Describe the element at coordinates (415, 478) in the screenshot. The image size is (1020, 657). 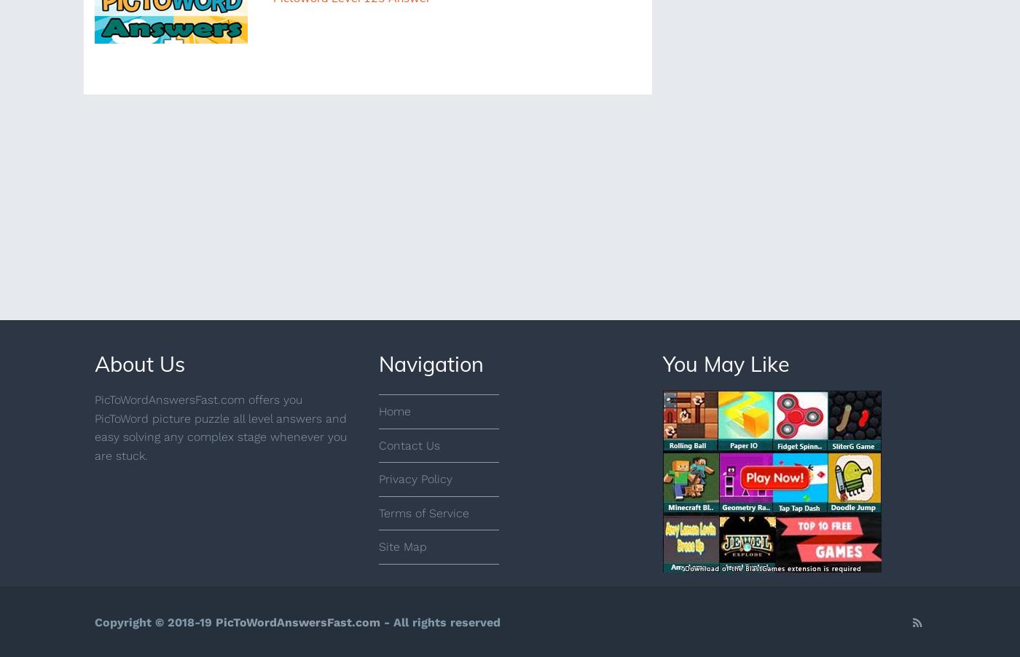
I see `'Privacy Policy'` at that location.